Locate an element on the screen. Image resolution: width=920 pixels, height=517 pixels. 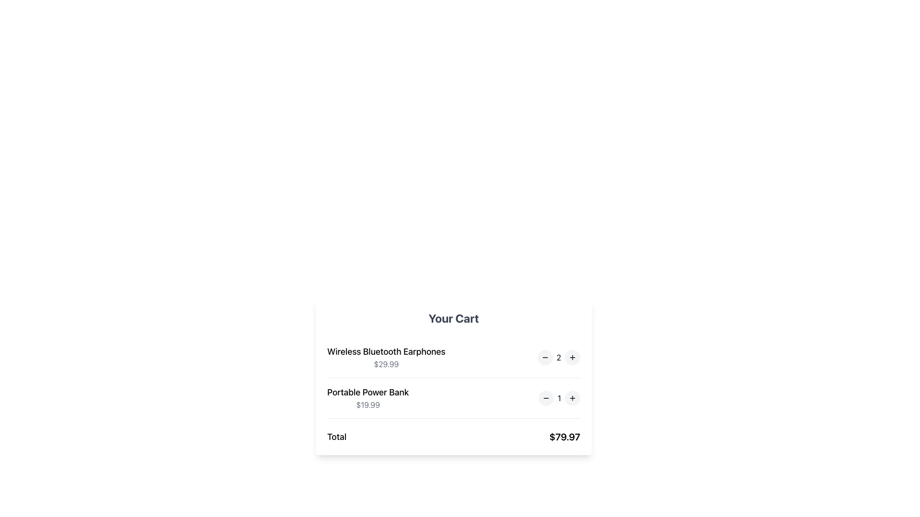
displayed quantity of the portable power bank item in the cart, located centrally between the increment and decrement buttons is located at coordinates (559, 398).